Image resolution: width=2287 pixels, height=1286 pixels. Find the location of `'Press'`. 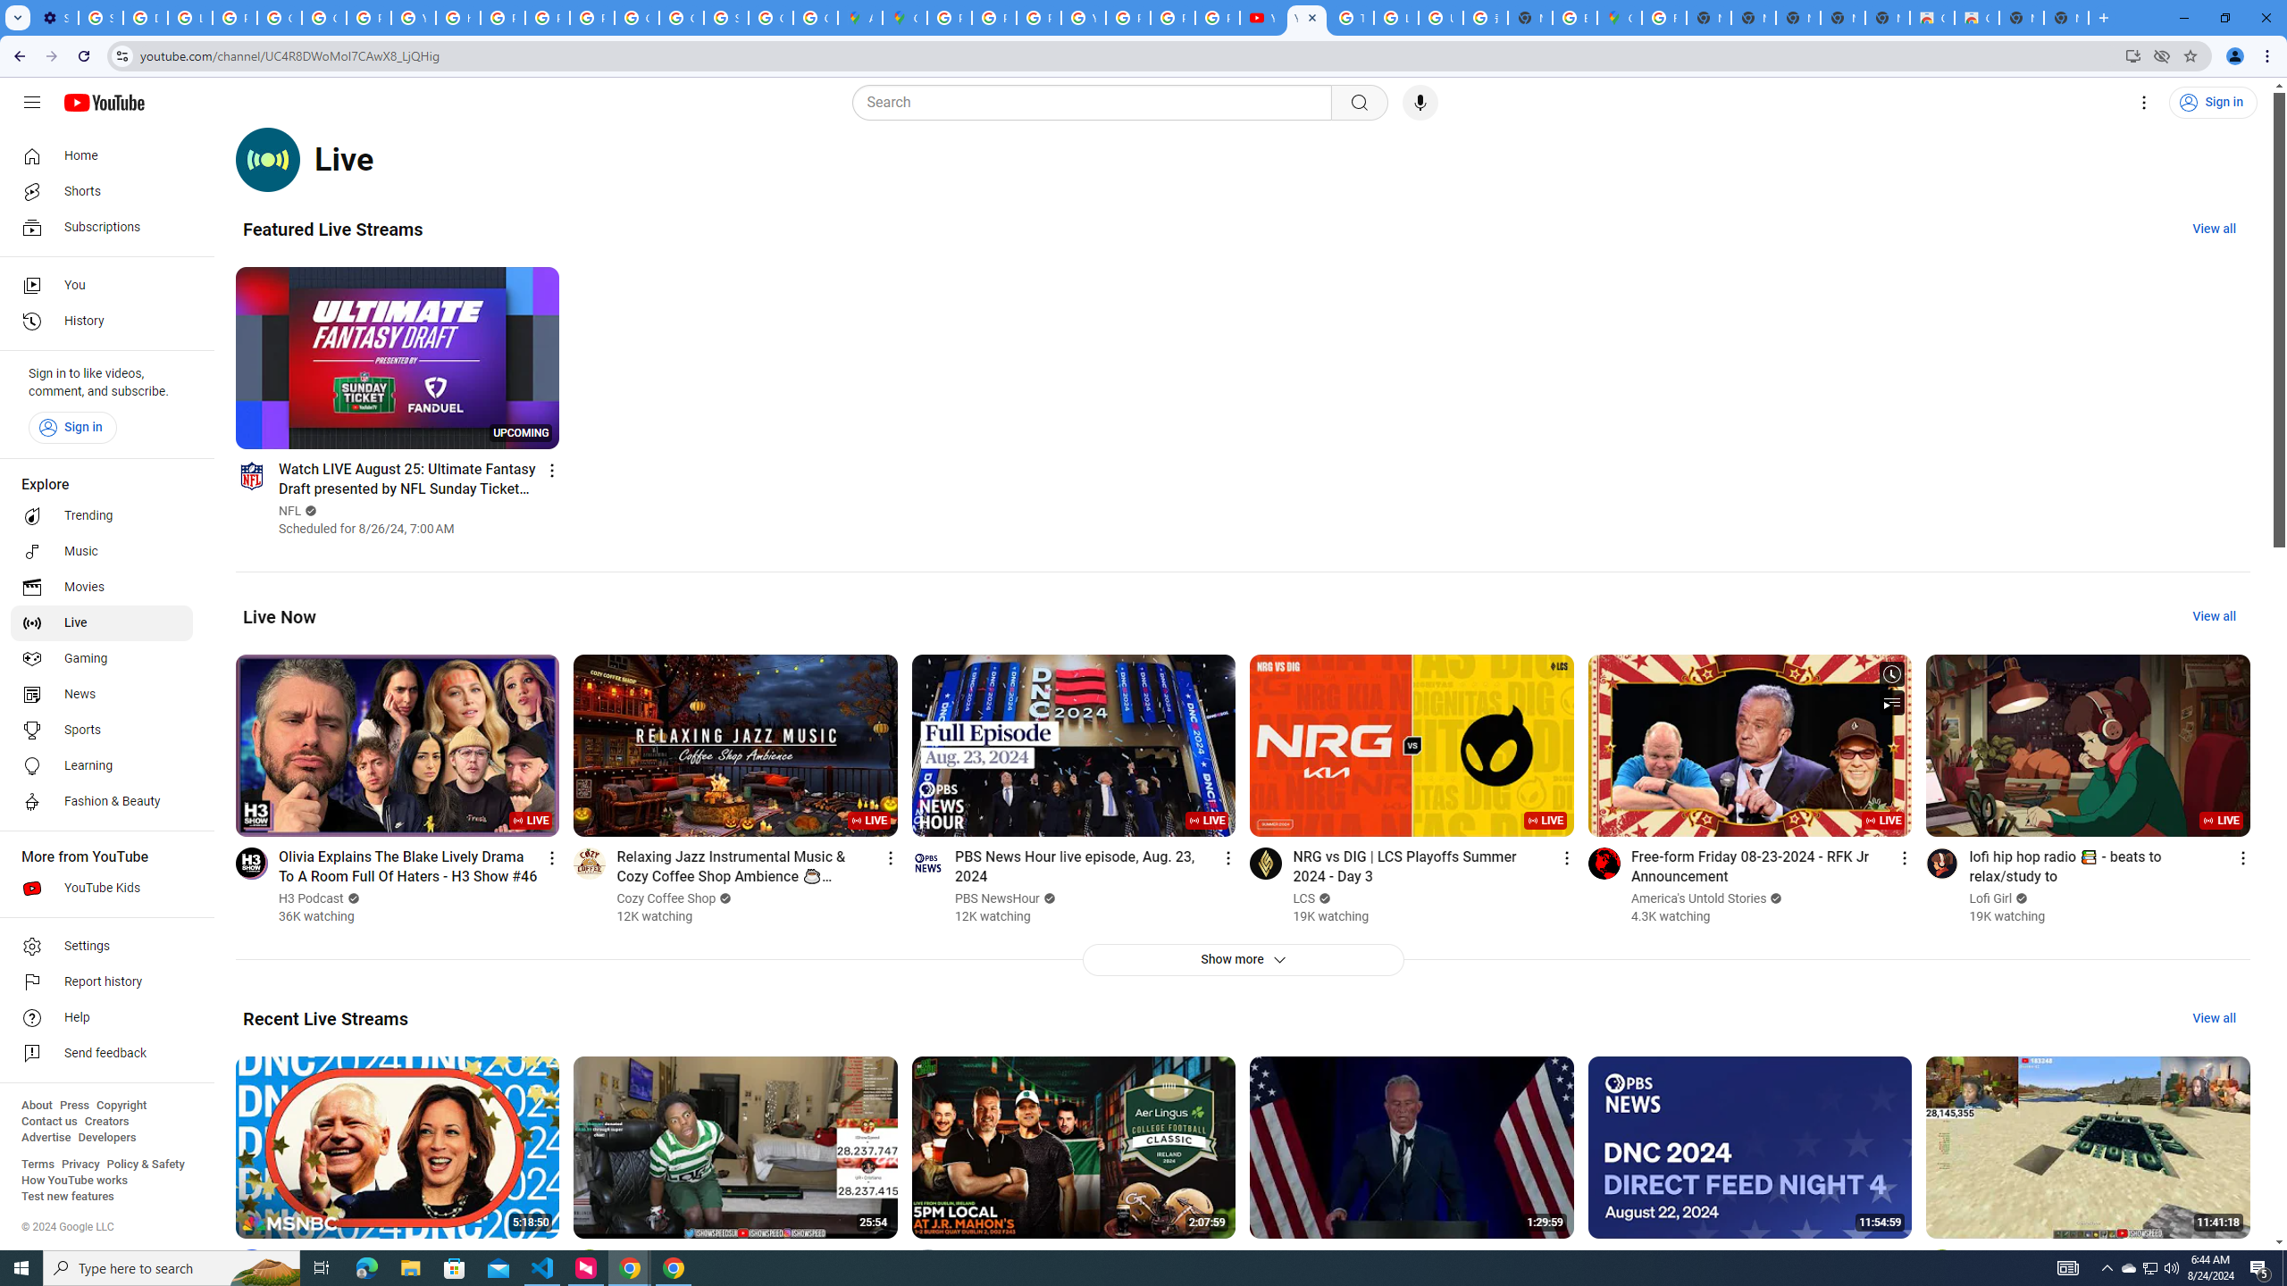

'Press' is located at coordinates (73, 1105).